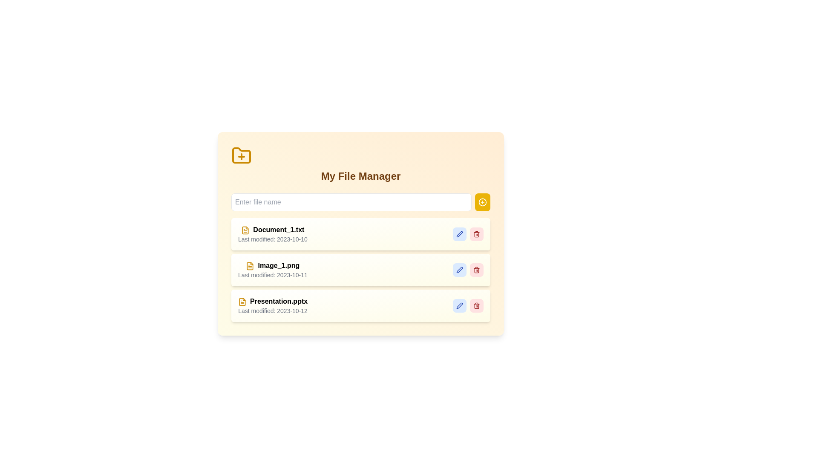 Image resolution: width=818 pixels, height=460 pixels. Describe the element at coordinates (482, 202) in the screenshot. I see `the circular element with a filled center located inside the upper-right corner of the user interface panel, which is part of a larger circular icon with a '+' sign` at that location.